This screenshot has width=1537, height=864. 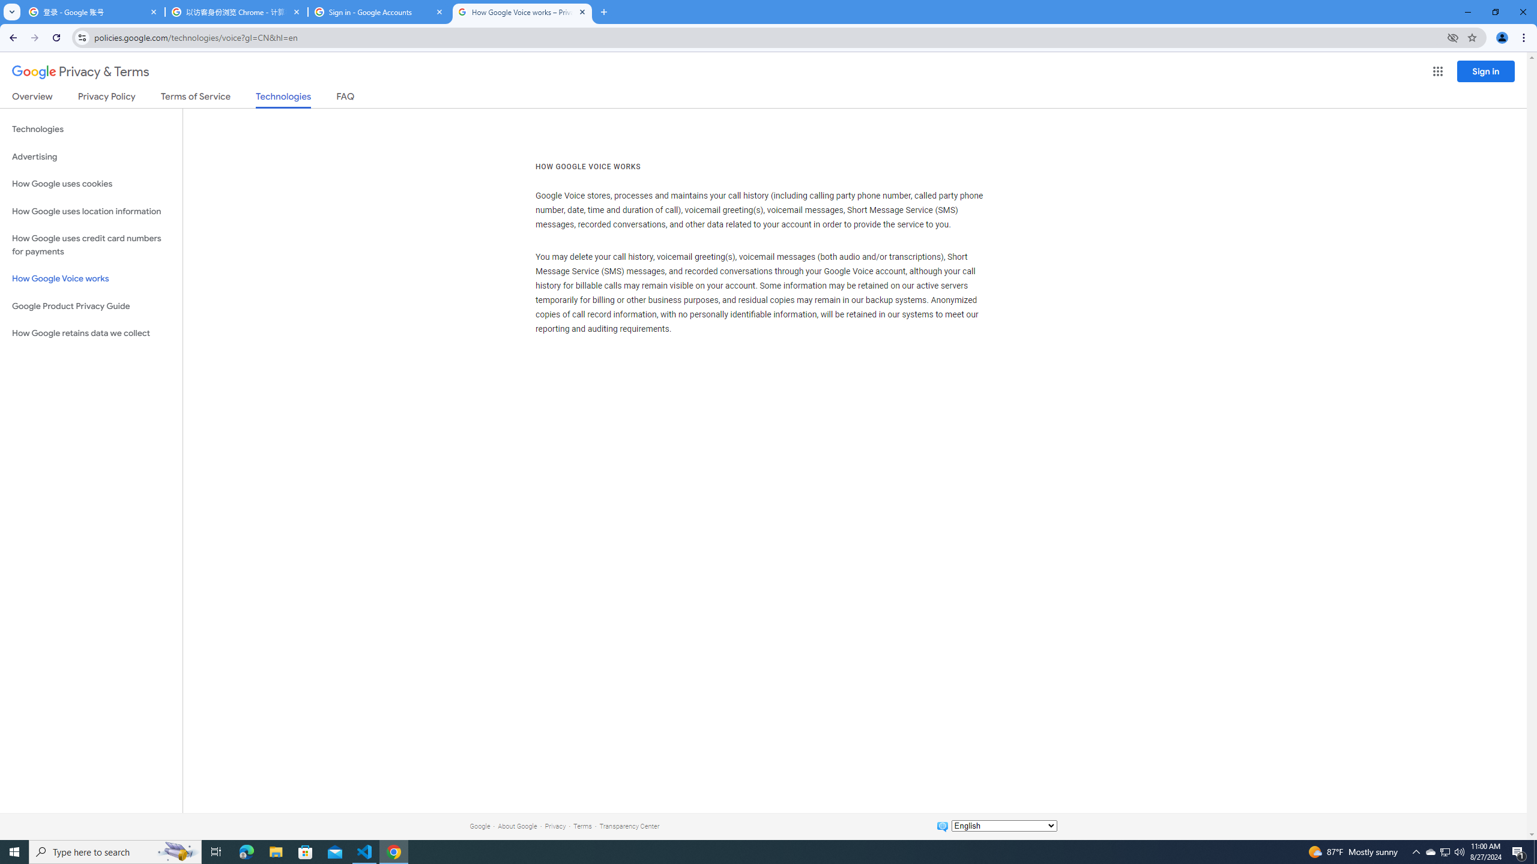 What do you see at coordinates (91, 333) in the screenshot?
I see `'How Google retains data we collect'` at bounding box center [91, 333].